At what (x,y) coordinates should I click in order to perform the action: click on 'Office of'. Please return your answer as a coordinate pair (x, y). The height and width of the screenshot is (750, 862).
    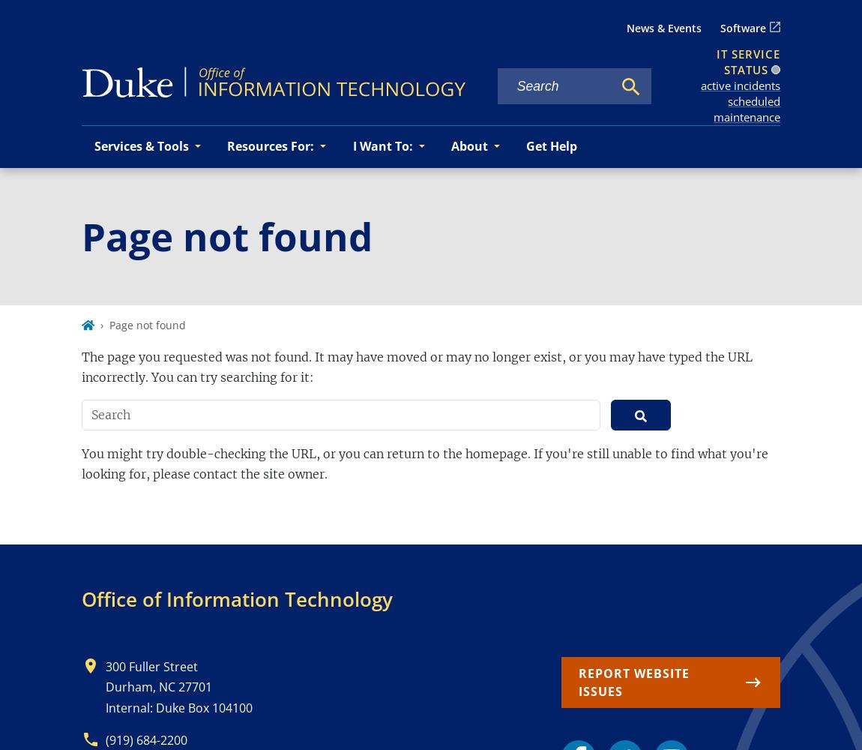
    Looking at the image, I should click on (120, 599).